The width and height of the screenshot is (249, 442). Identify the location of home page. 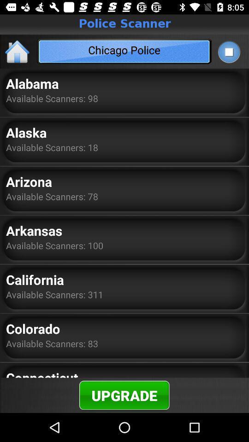
(18, 51).